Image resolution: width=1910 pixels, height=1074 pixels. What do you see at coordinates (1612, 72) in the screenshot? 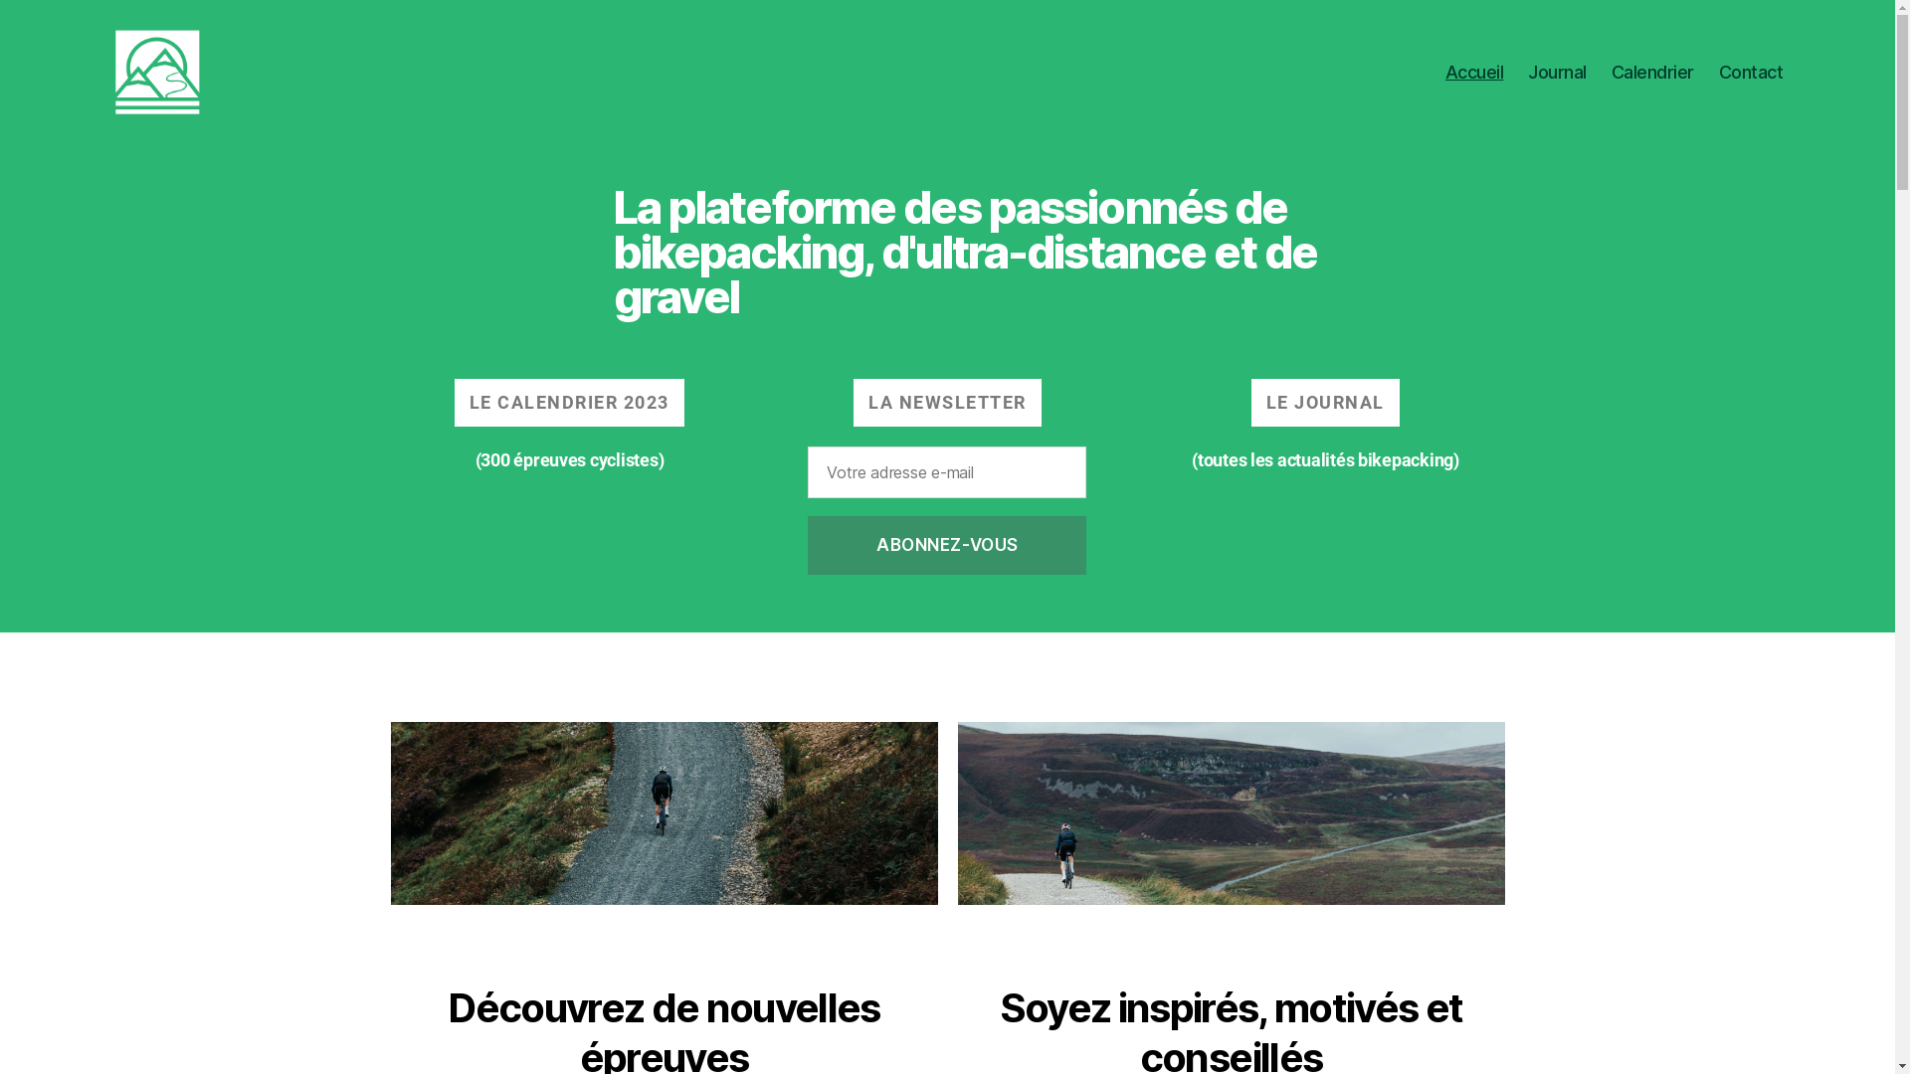
I see `'Calendrier'` at bounding box center [1612, 72].